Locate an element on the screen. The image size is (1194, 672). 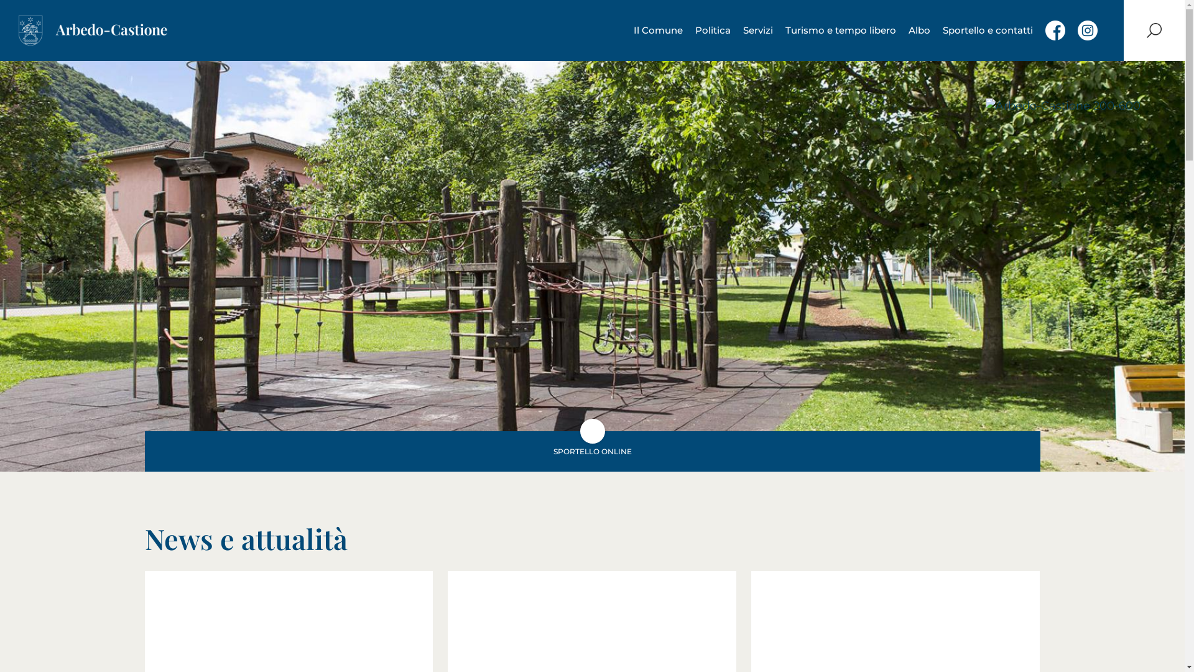
'Vai alla home' is located at coordinates (92, 30).